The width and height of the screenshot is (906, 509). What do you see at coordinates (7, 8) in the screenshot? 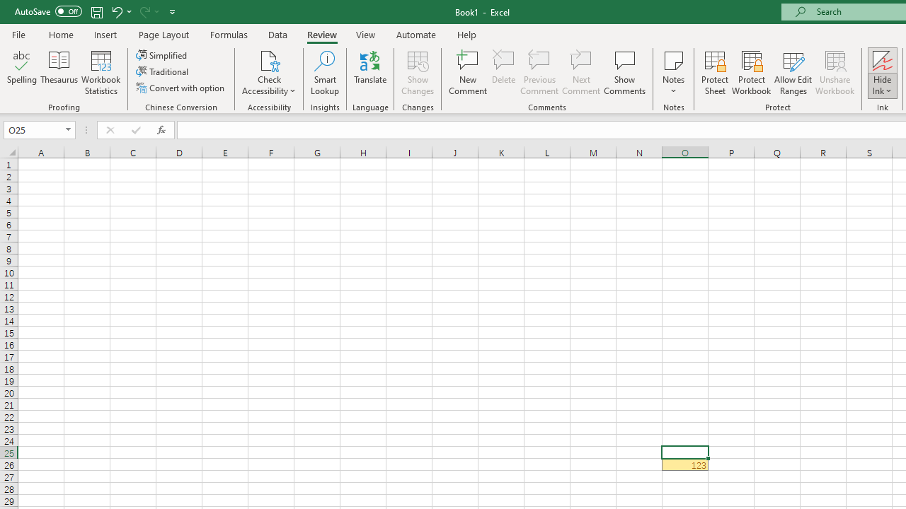
I see `'System'` at bounding box center [7, 8].